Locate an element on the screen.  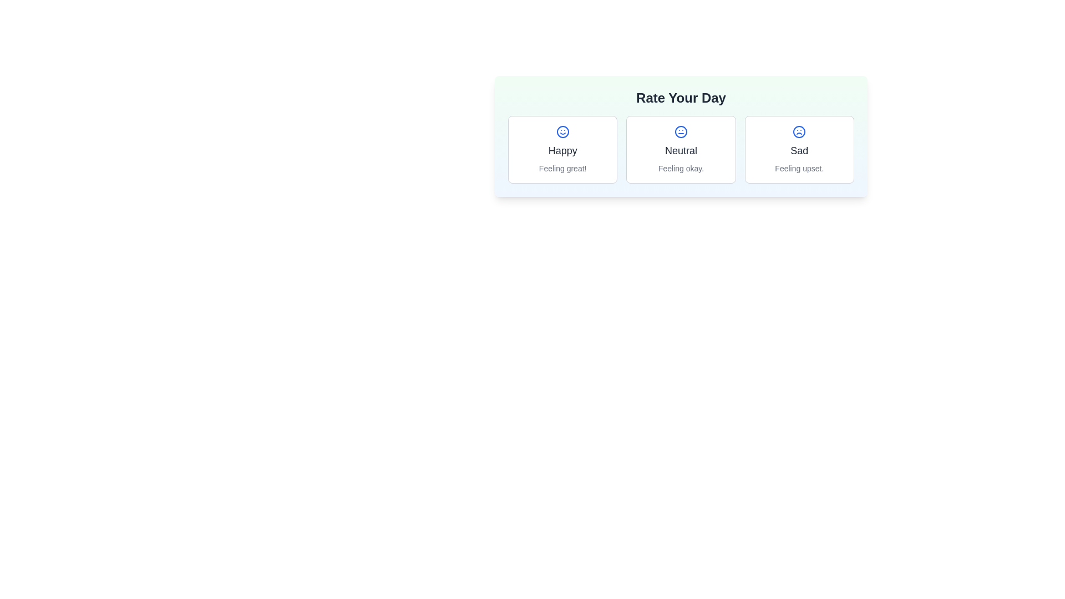
the selectable card widget that indicates the user's mood is sad, which is located as the third item in the mood rating feature grid layout is located at coordinates (799, 150).